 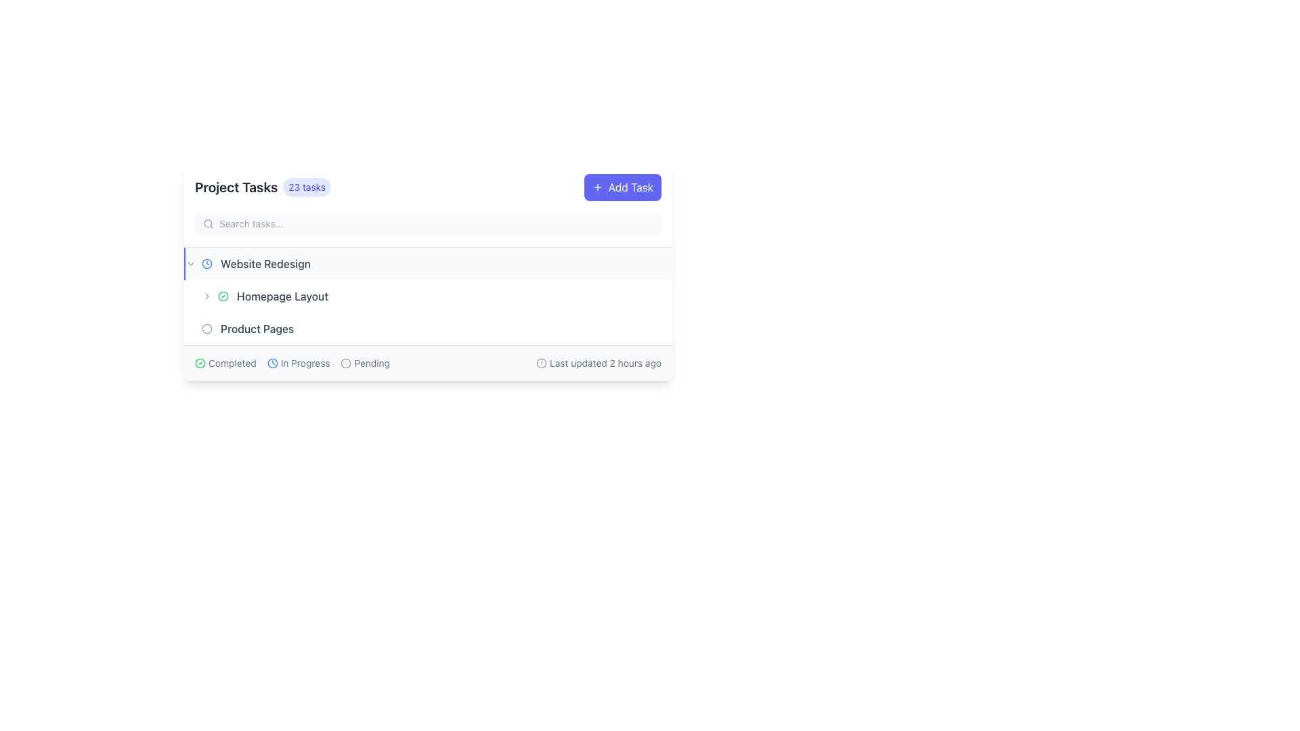 I want to click on the status indicator icon located to the left of the 'Product Pages' text in the project task list, so click(x=207, y=329).